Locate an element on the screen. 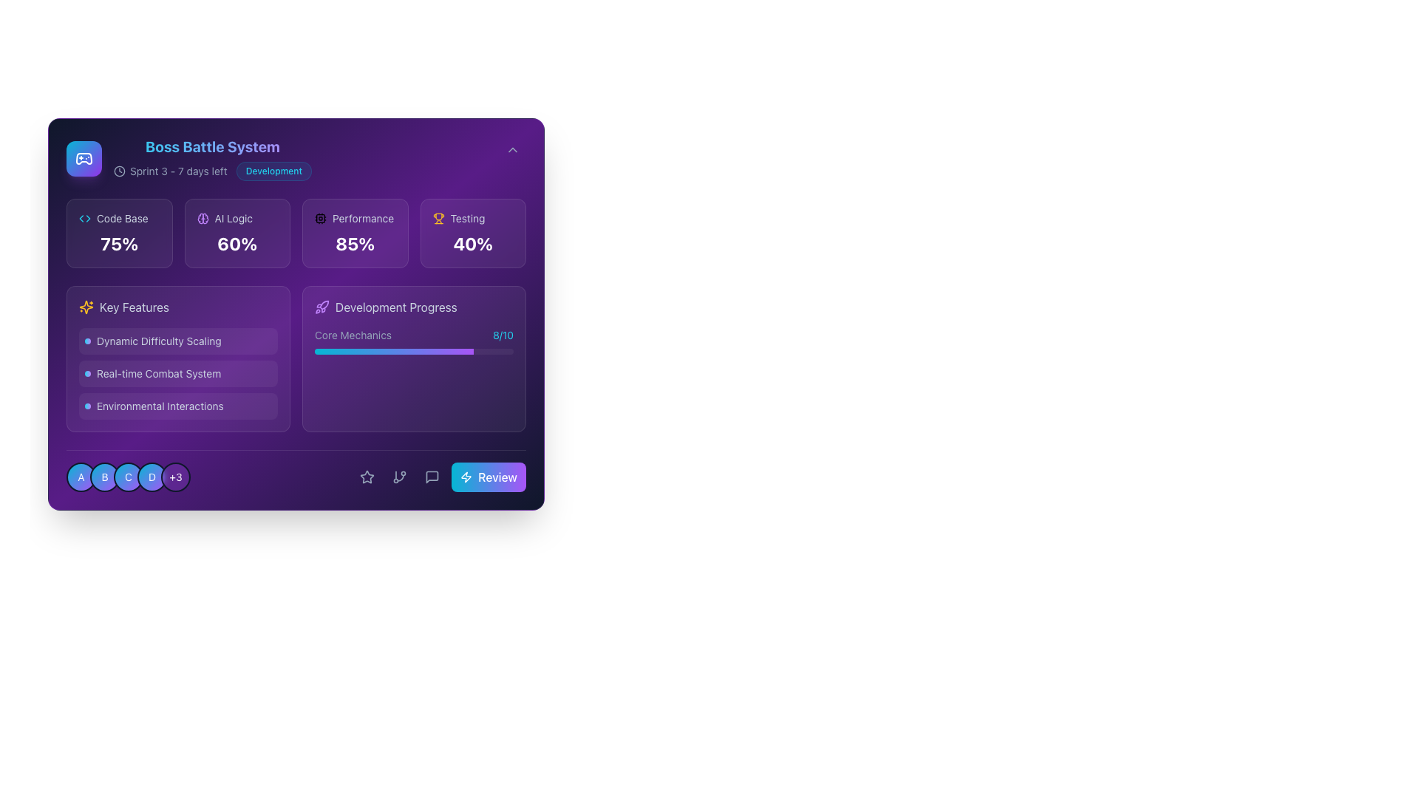  the informational display element labeled 'Testing' with an accompanying trophy icon, located in the top-right corner of the interface is located at coordinates (473, 219).